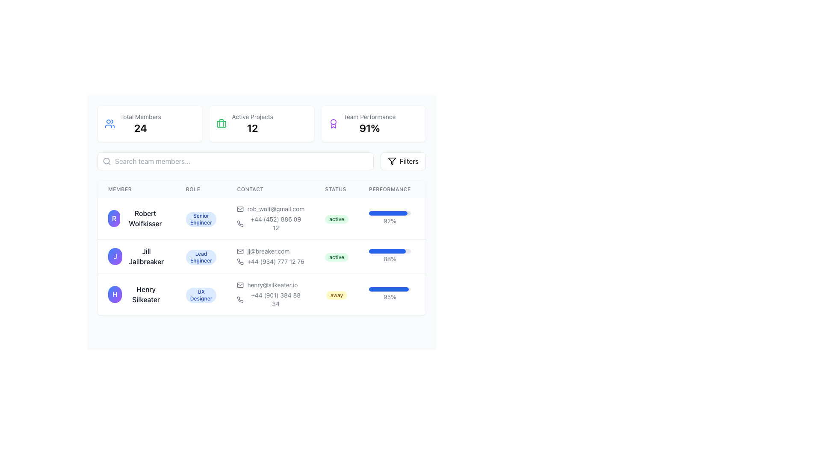  I want to click on the Progress Bar representing the performance progress of 'Robert Wolfkisser', which shows 92% completion in the first row of the 'Performance' column, so click(387, 213).